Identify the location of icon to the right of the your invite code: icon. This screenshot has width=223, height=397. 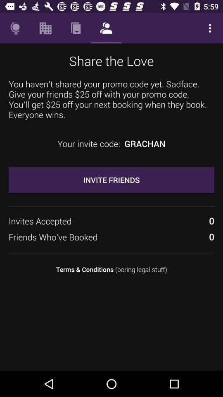
(145, 143).